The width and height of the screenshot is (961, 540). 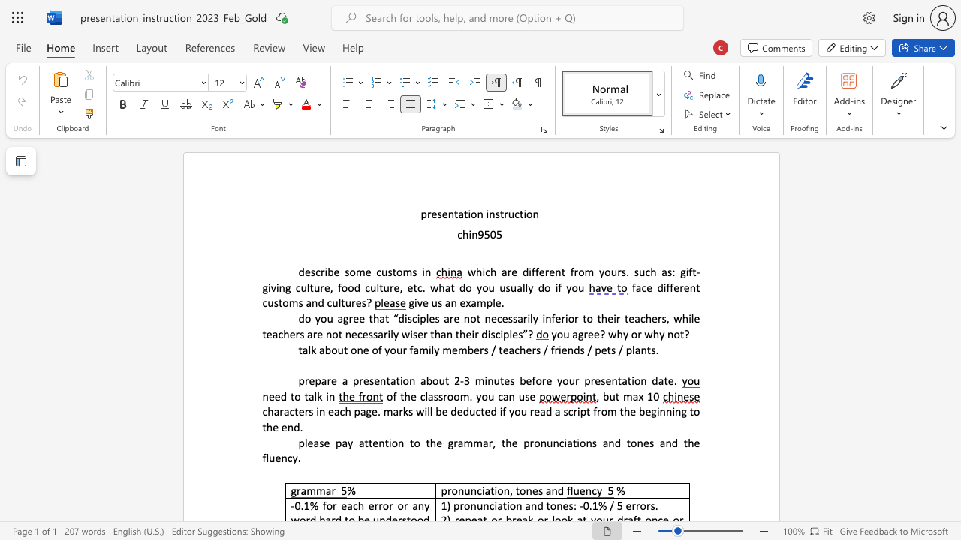 What do you see at coordinates (342, 302) in the screenshot?
I see `the 3th character "t" in the text` at bounding box center [342, 302].